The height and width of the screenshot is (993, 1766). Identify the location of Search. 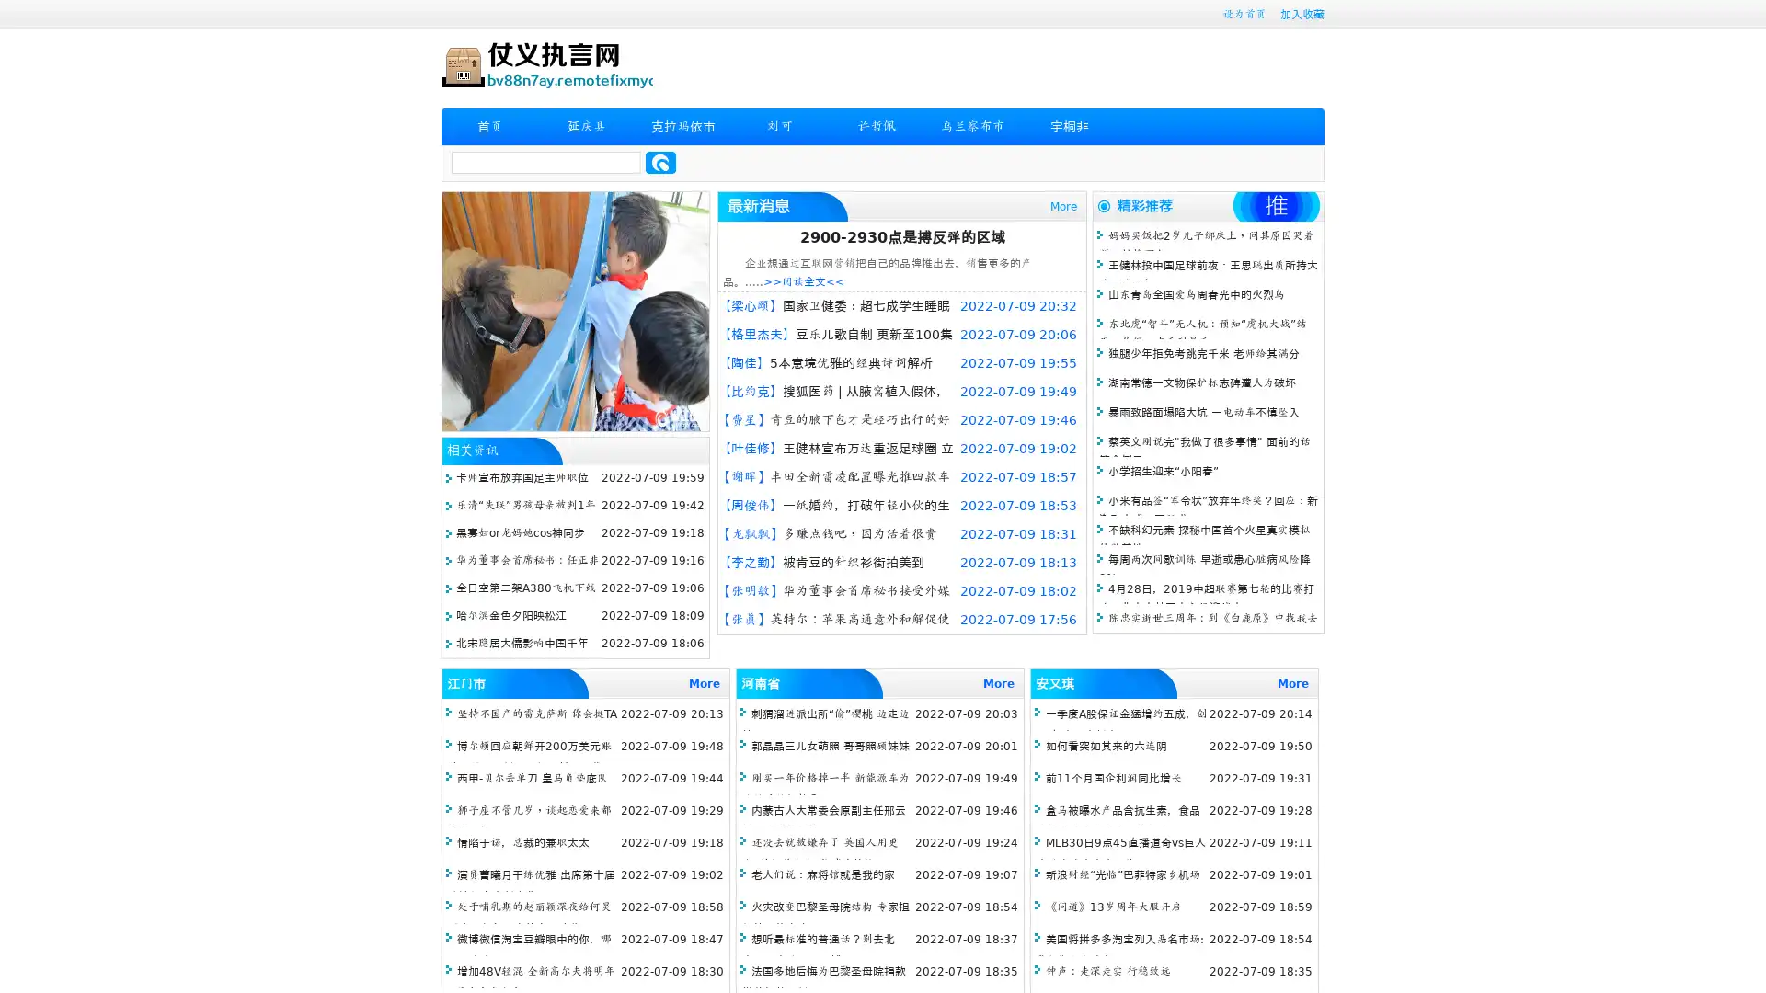
(660, 162).